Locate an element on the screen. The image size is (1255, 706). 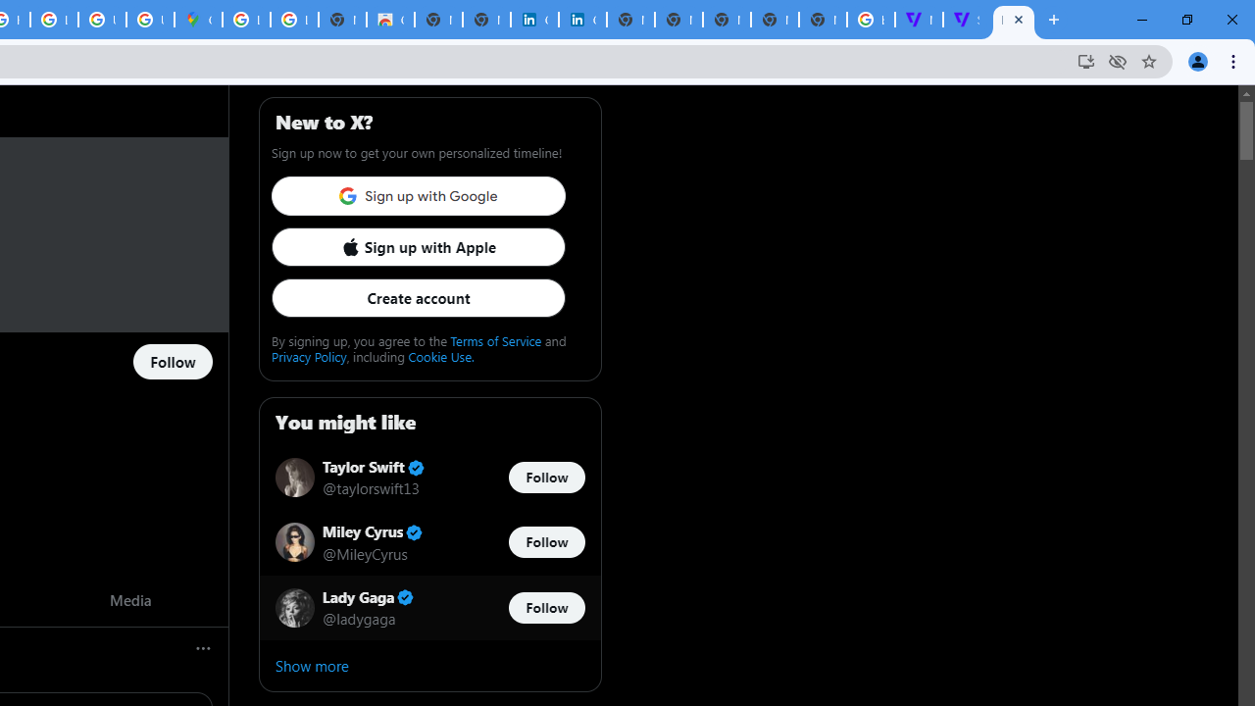
'New Tab' is located at coordinates (823, 20).